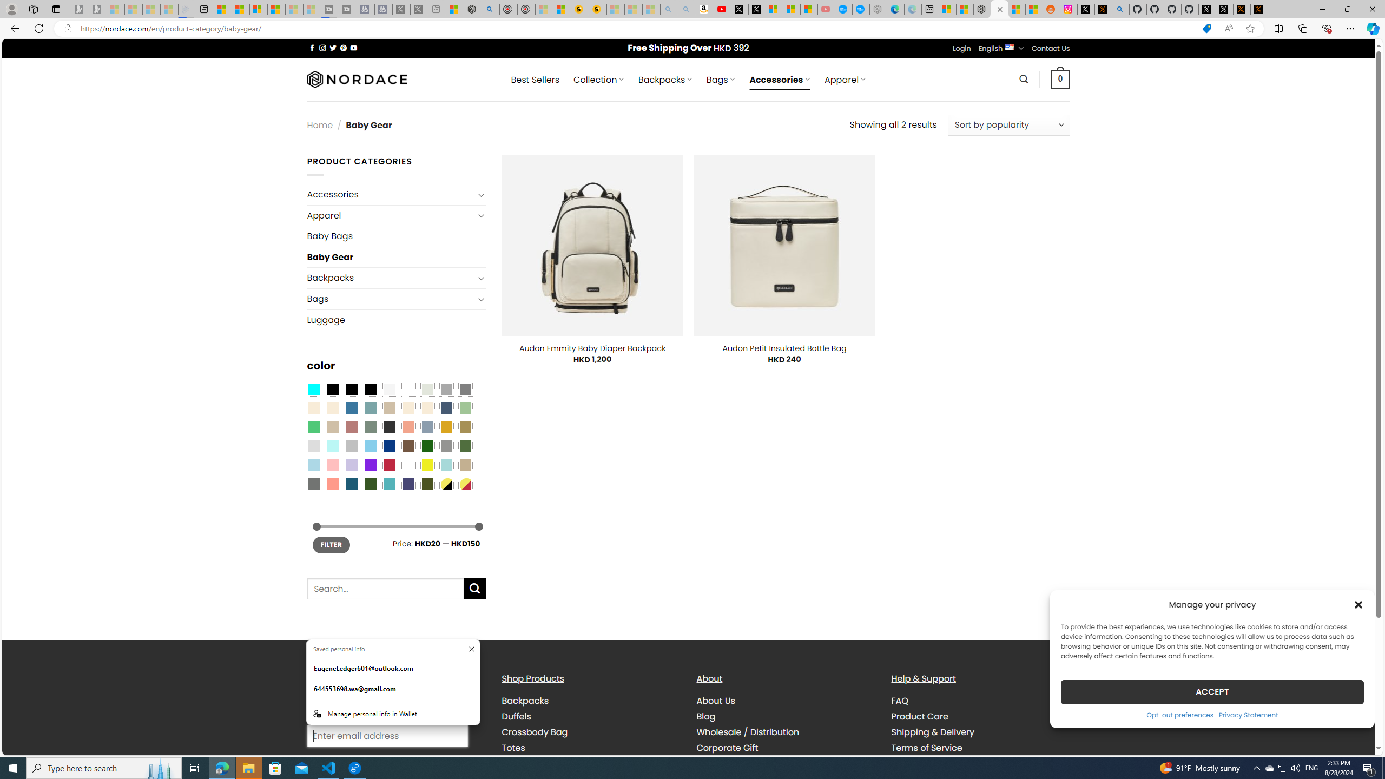  What do you see at coordinates (465, 426) in the screenshot?
I see `'Kelp'` at bounding box center [465, 426].